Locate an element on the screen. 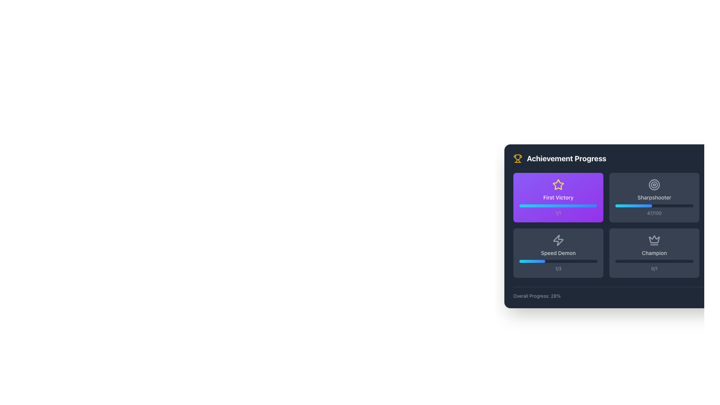 The image size is (720, 405). the Progress Bar which is a horizontal bar with rounded edges, gray background, and a gradient from cyan to blue, located beneath the 'First Victory' title and above the '1/1' text is located at coordinates (558, 205).